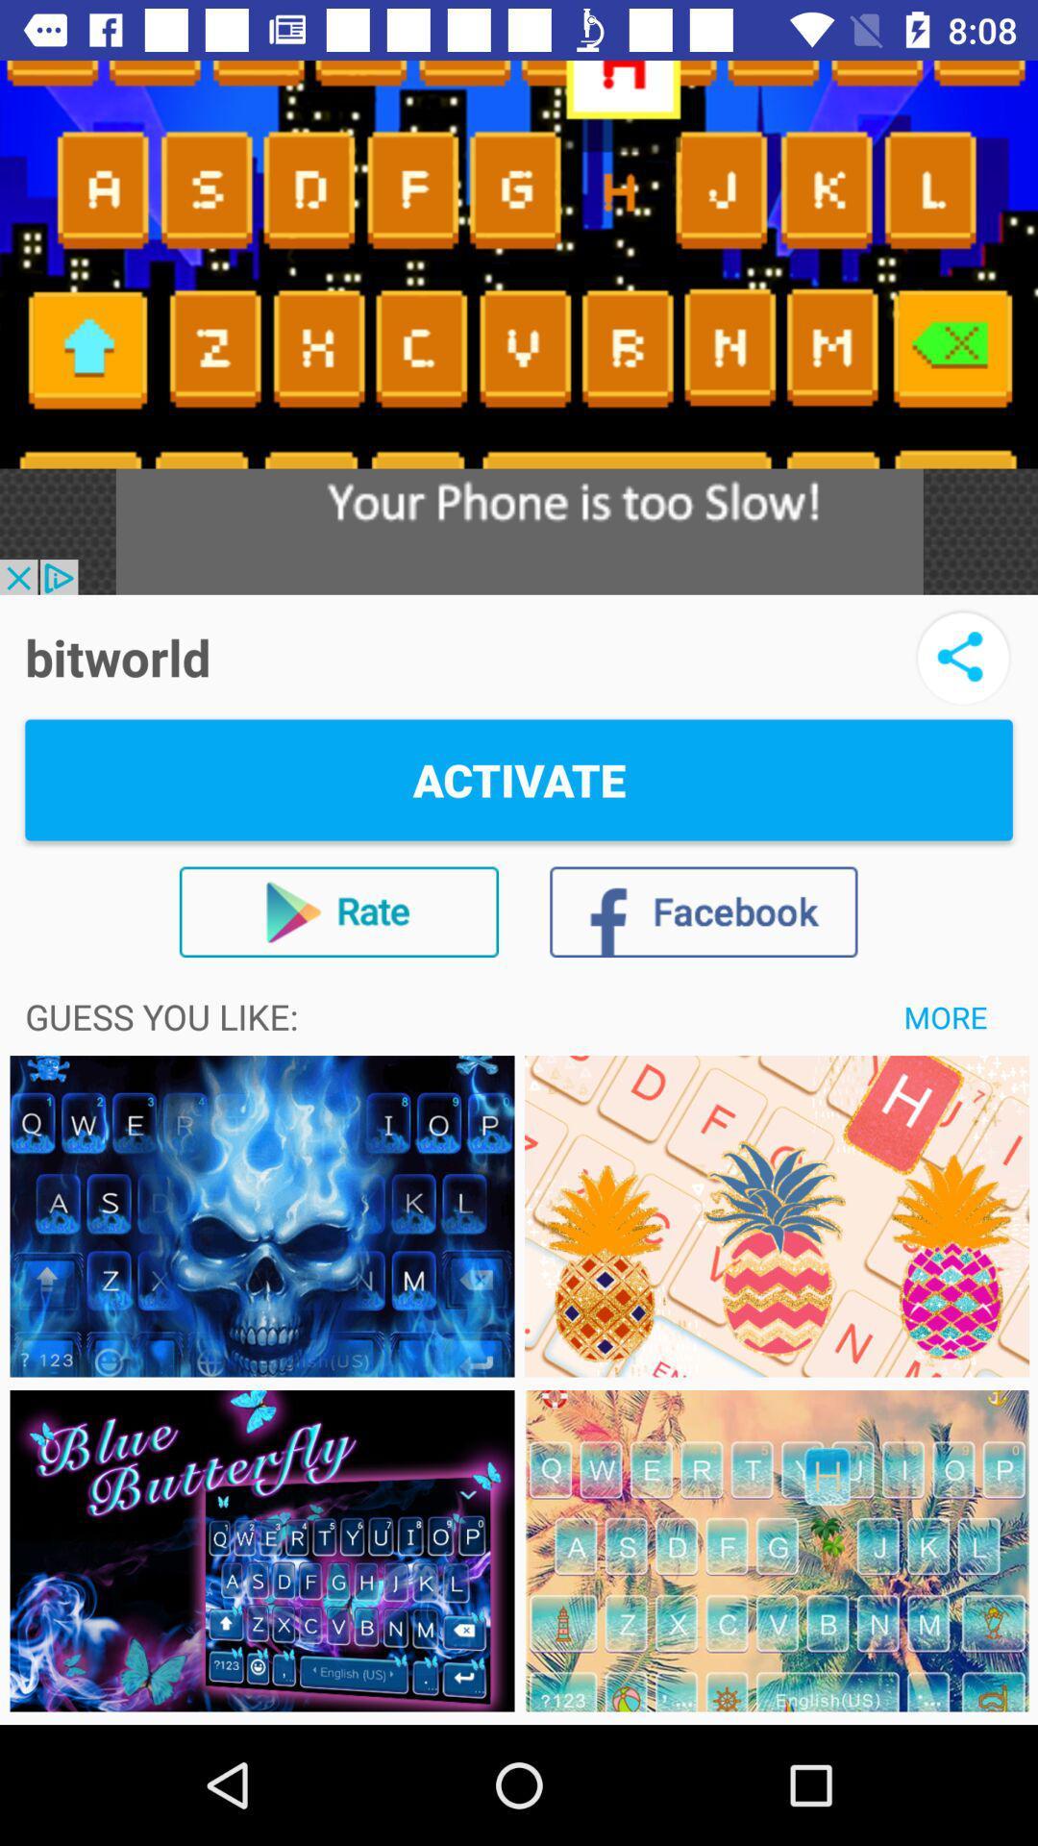 The height and width of the screenshot is (1846, 1038). What do you see at coordinates (963, 657) in the screenshot?
I see `the share icon` at bounding box center [963, 657].